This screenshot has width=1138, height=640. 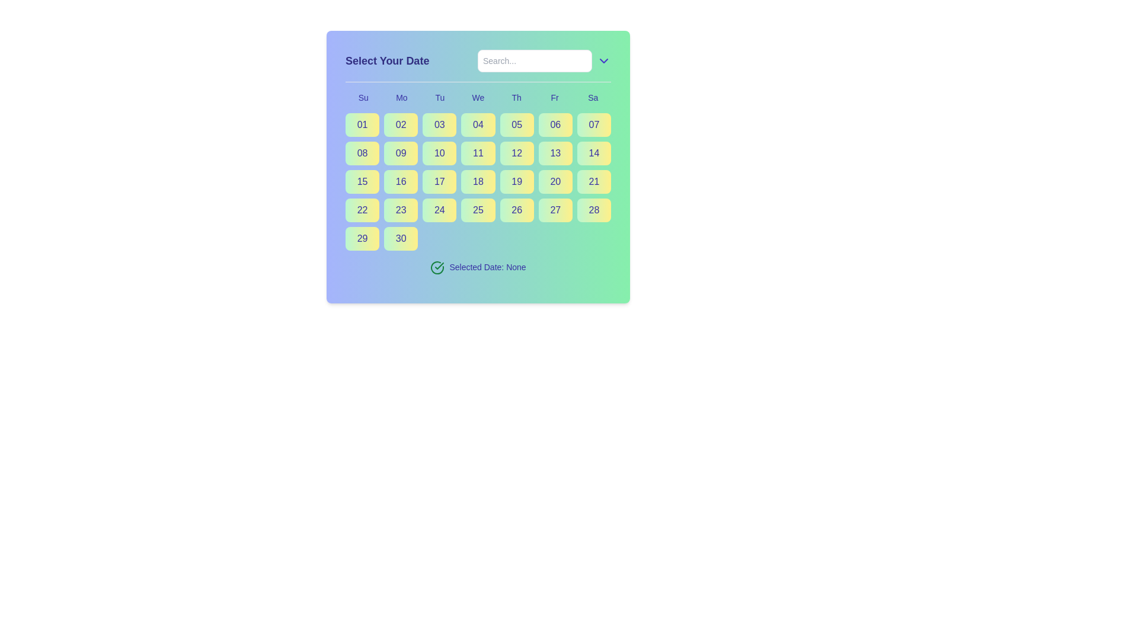 I want to click on the button representing the 18th day in the date-picker interface, so click(x=478, y=182).